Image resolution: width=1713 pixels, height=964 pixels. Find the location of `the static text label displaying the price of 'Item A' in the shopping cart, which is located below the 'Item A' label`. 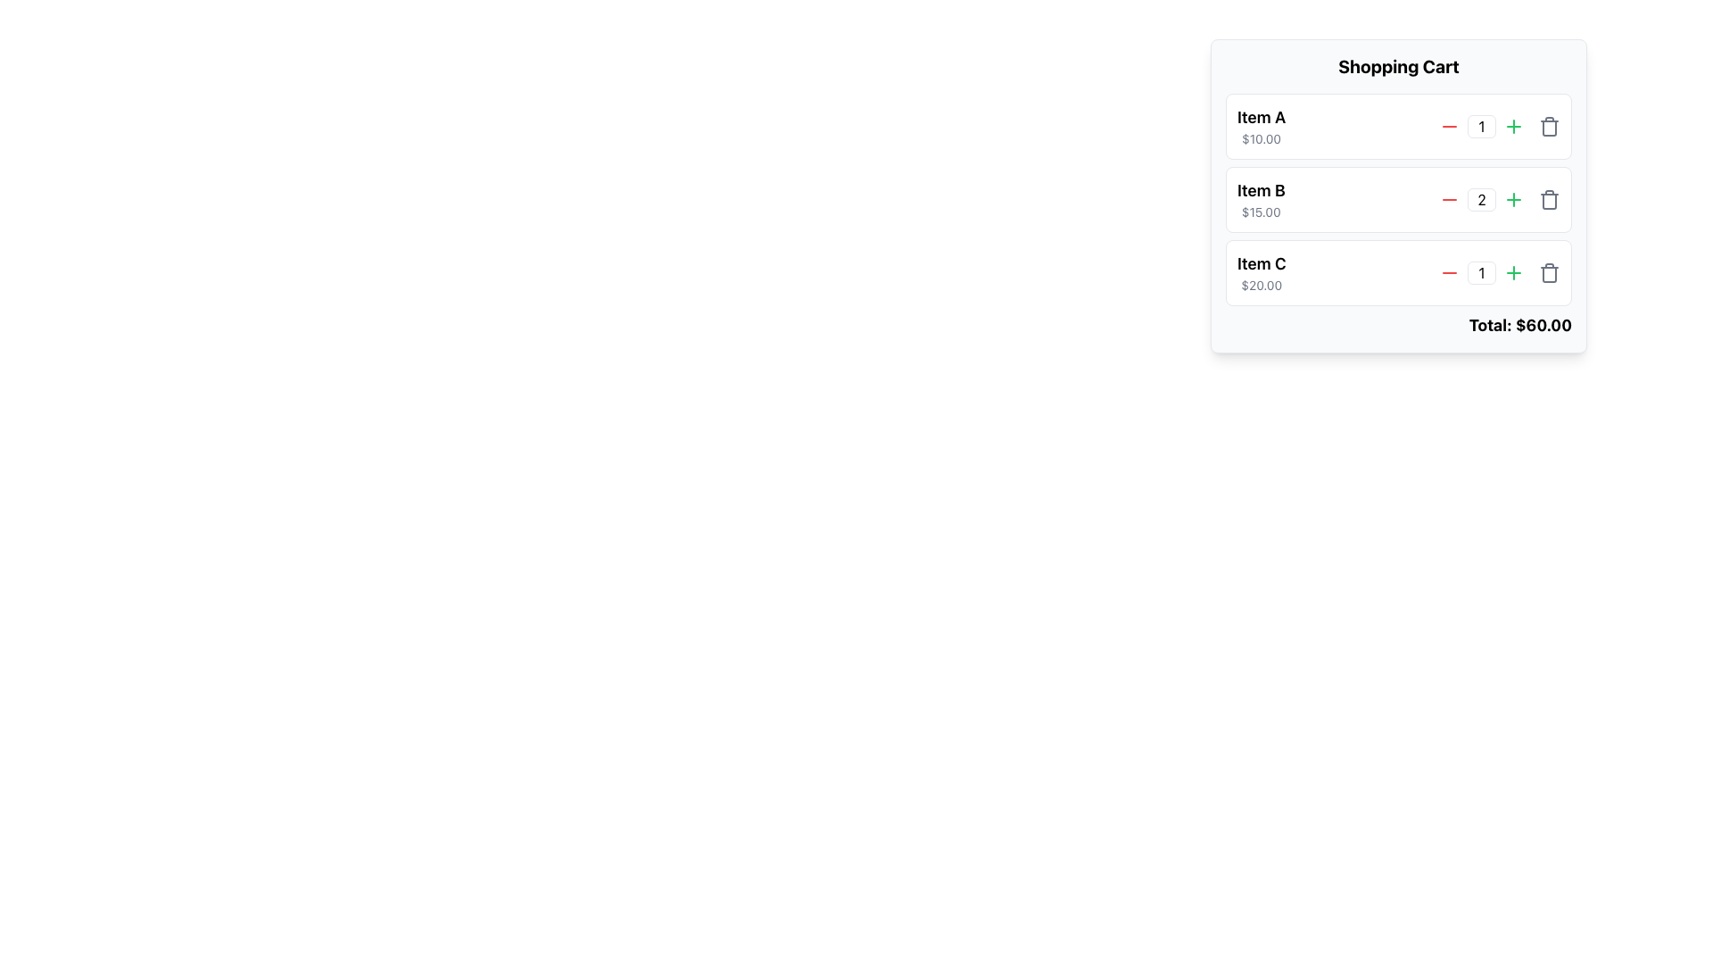

the static text label displaying the price of 'Item A' in the shopping cart, which is located below the 'Item A' label is located at coordinates (1261, 137).